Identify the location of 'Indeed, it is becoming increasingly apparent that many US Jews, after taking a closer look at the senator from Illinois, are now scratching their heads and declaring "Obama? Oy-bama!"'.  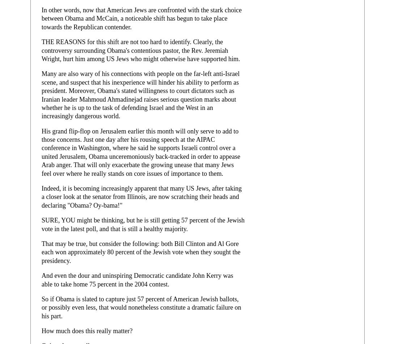
(141, 196).